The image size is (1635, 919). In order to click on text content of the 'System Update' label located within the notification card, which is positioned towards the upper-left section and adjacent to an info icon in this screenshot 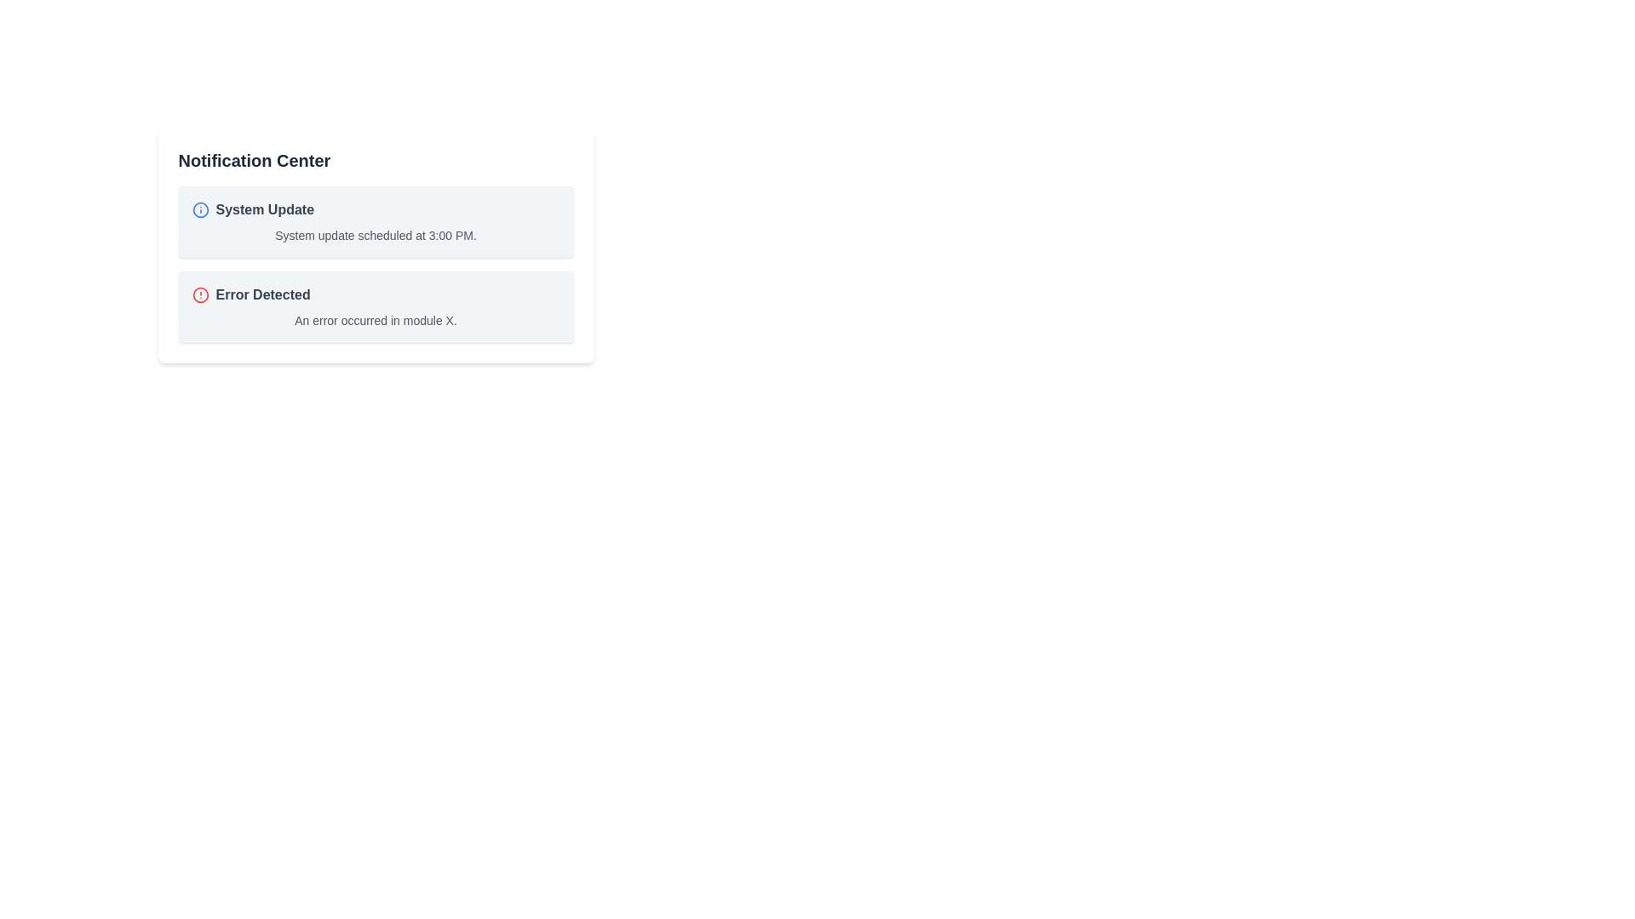, I will do `click(264, 208)`.